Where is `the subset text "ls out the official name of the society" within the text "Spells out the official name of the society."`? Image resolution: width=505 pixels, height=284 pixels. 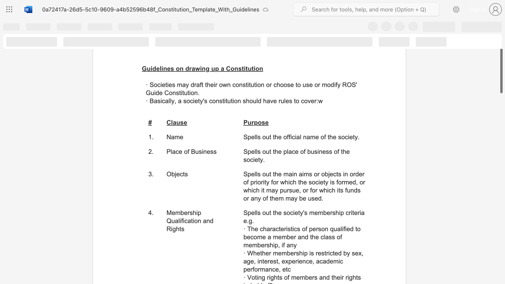 the subset text "ls out the official name of the society" within the text "Spells out the official name of the society." is located at coordinates (256, 136).